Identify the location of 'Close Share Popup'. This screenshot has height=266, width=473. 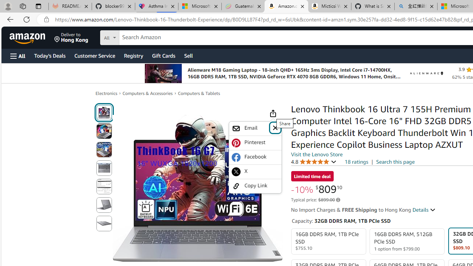
(275, 127).